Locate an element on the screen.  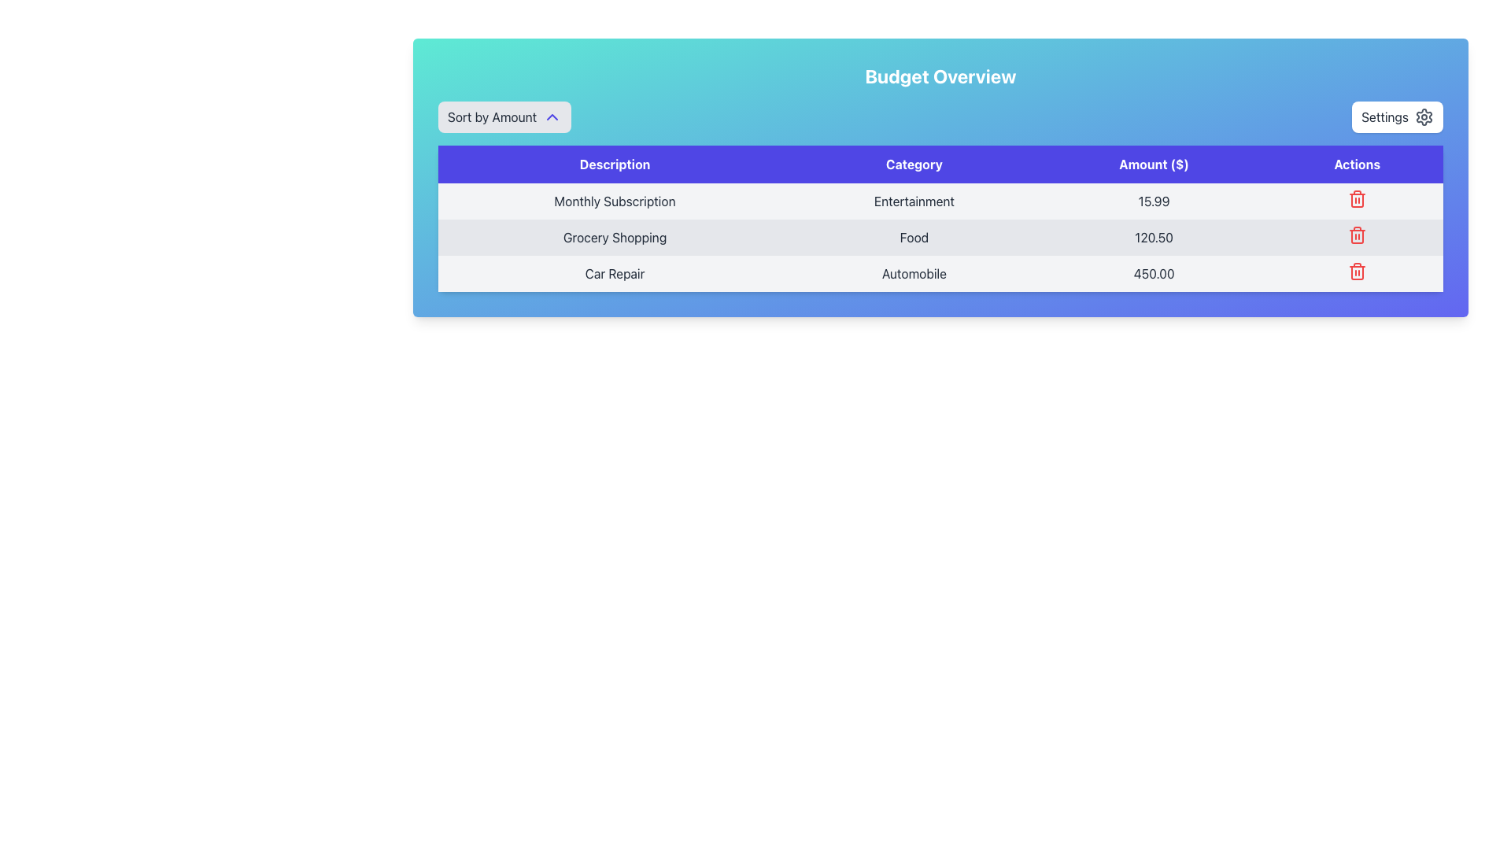
the delete button located in the 'Actions' column of the second row in the table, adjacent to the 'Grocery Shopping' row under the 'Description' column is located at coordinates (1355, 236).